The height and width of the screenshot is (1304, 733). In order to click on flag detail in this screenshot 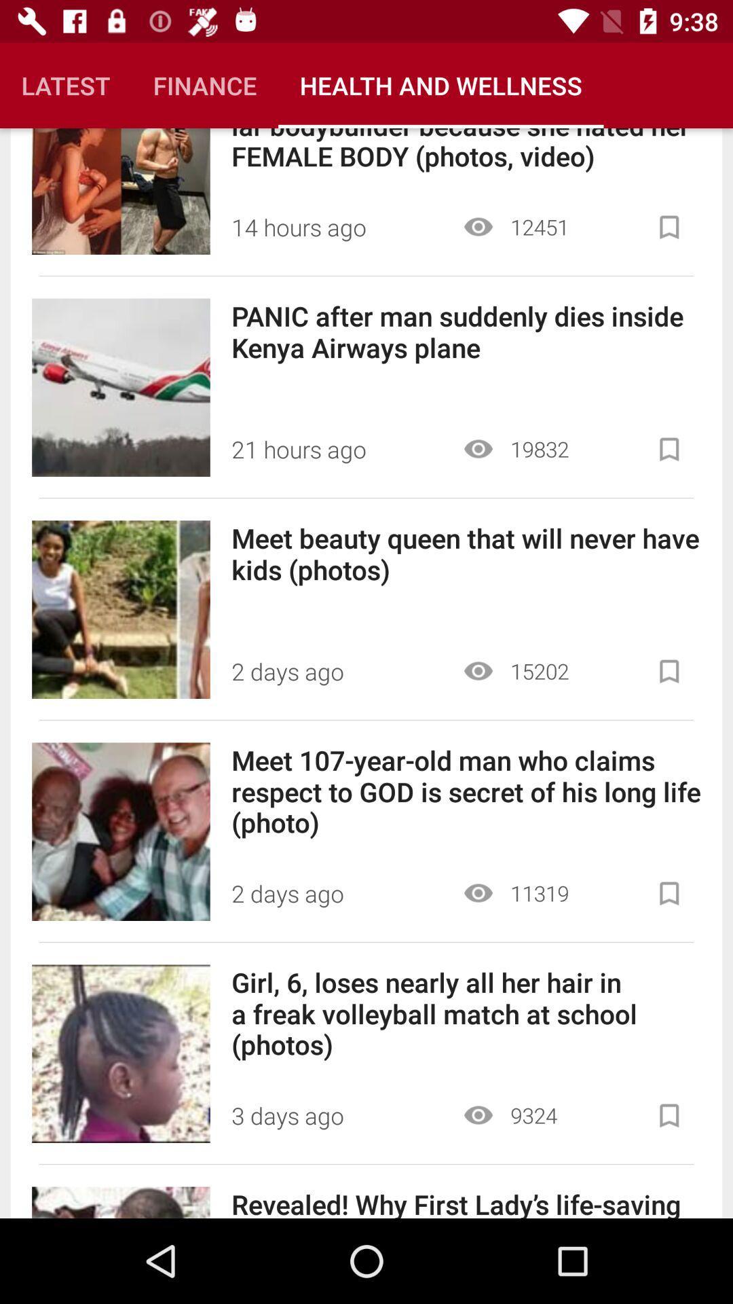, I will do `click(669, 893)`.